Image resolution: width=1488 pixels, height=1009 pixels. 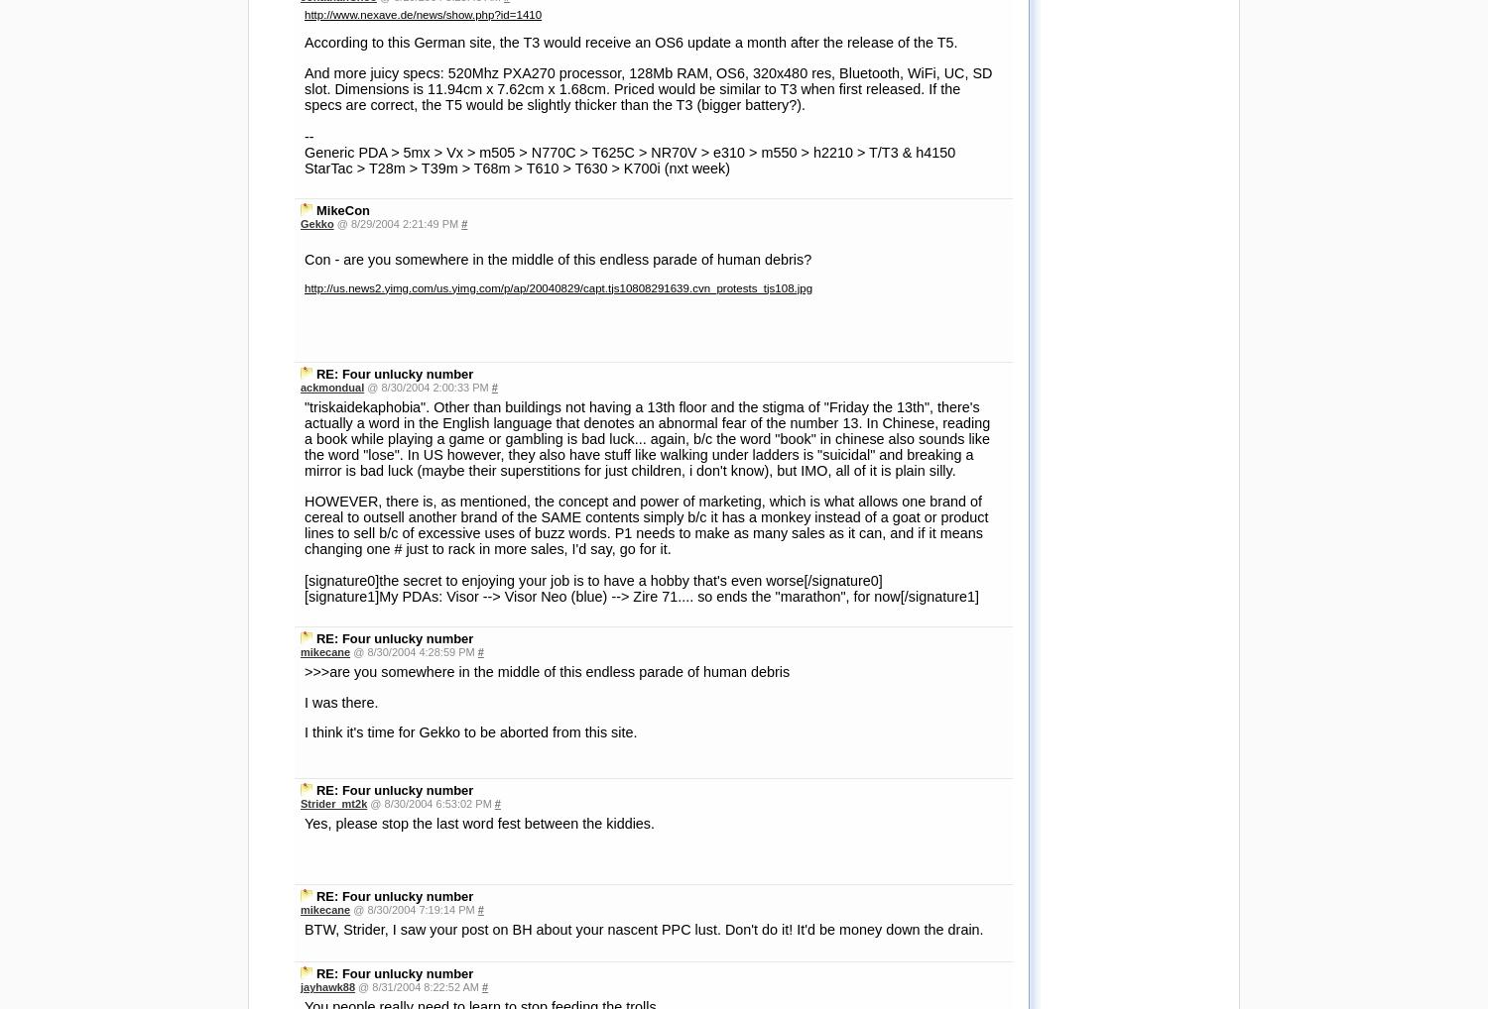 I want to click on 'This makes sense! I am game for WiFi+Bluetooth!', so click(x=455, y=880).